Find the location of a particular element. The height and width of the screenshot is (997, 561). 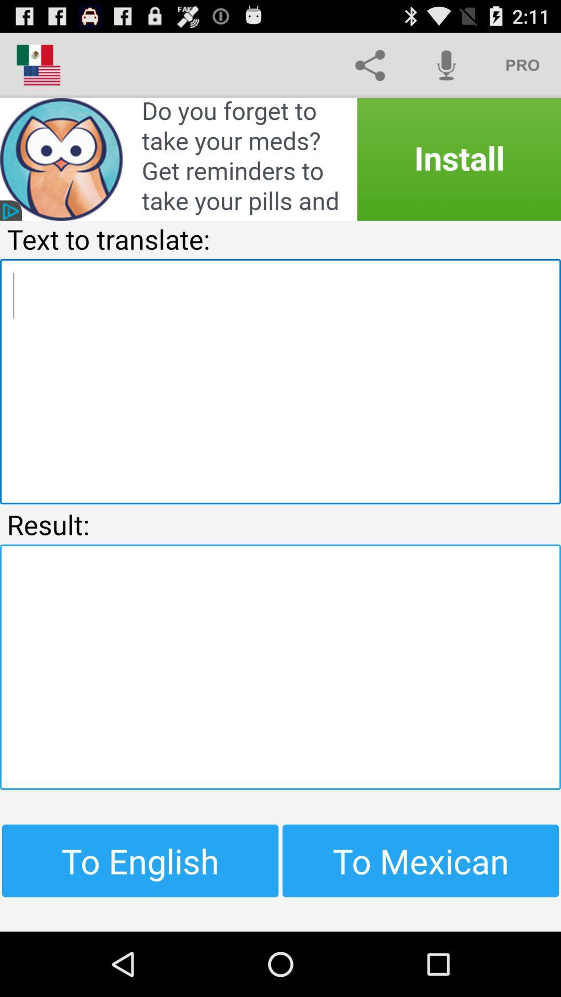

text to translate is located at coordinates (280, 381).